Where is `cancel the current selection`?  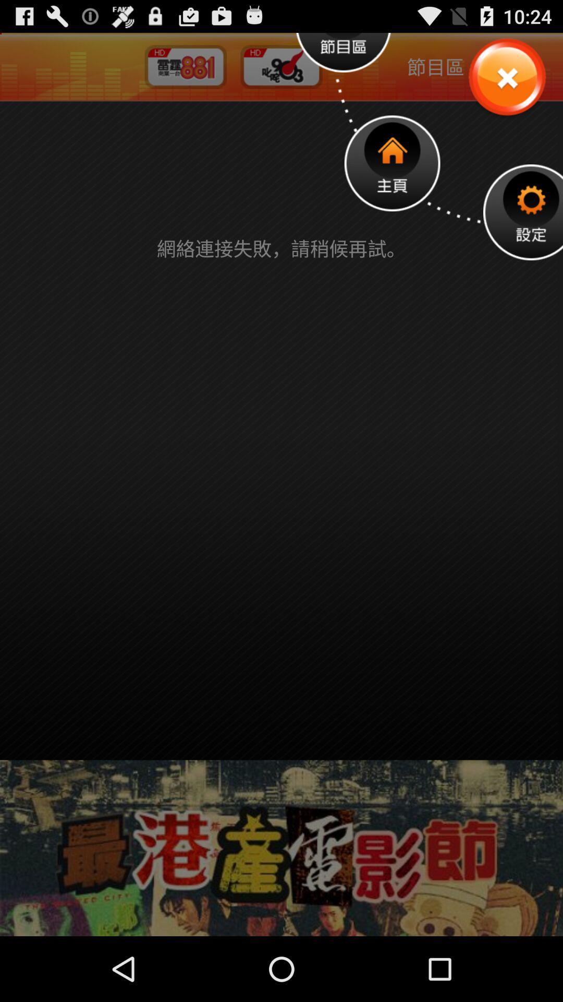 cancel the current selection is located at coordinates (506, 77).